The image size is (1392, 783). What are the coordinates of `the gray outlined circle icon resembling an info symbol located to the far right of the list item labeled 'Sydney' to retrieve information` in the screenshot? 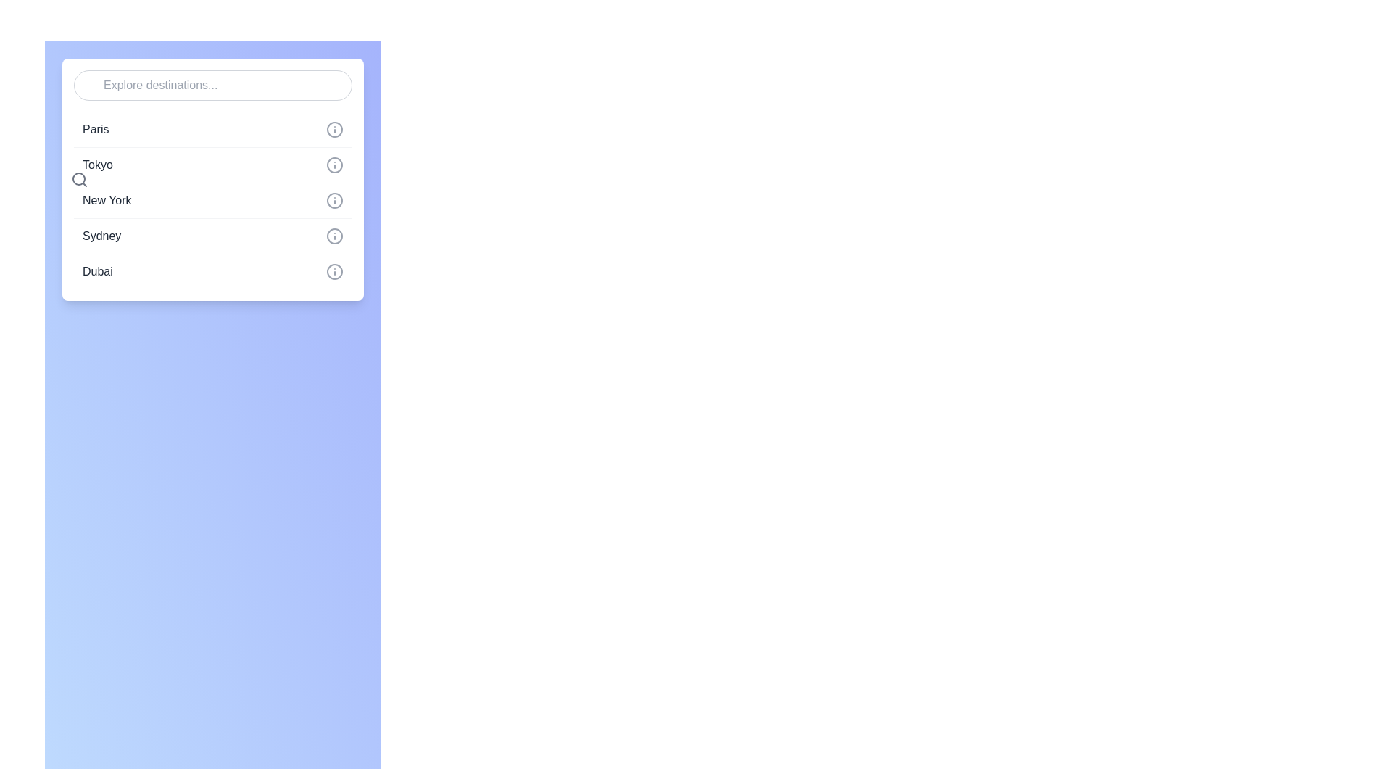 It's located at (333, 236).